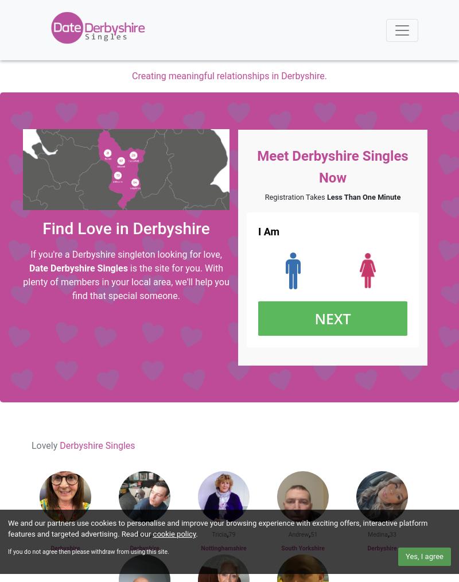  Describe the element at coordinates (287, 534) in the screenshot. I see `'Andrew'` at that location.